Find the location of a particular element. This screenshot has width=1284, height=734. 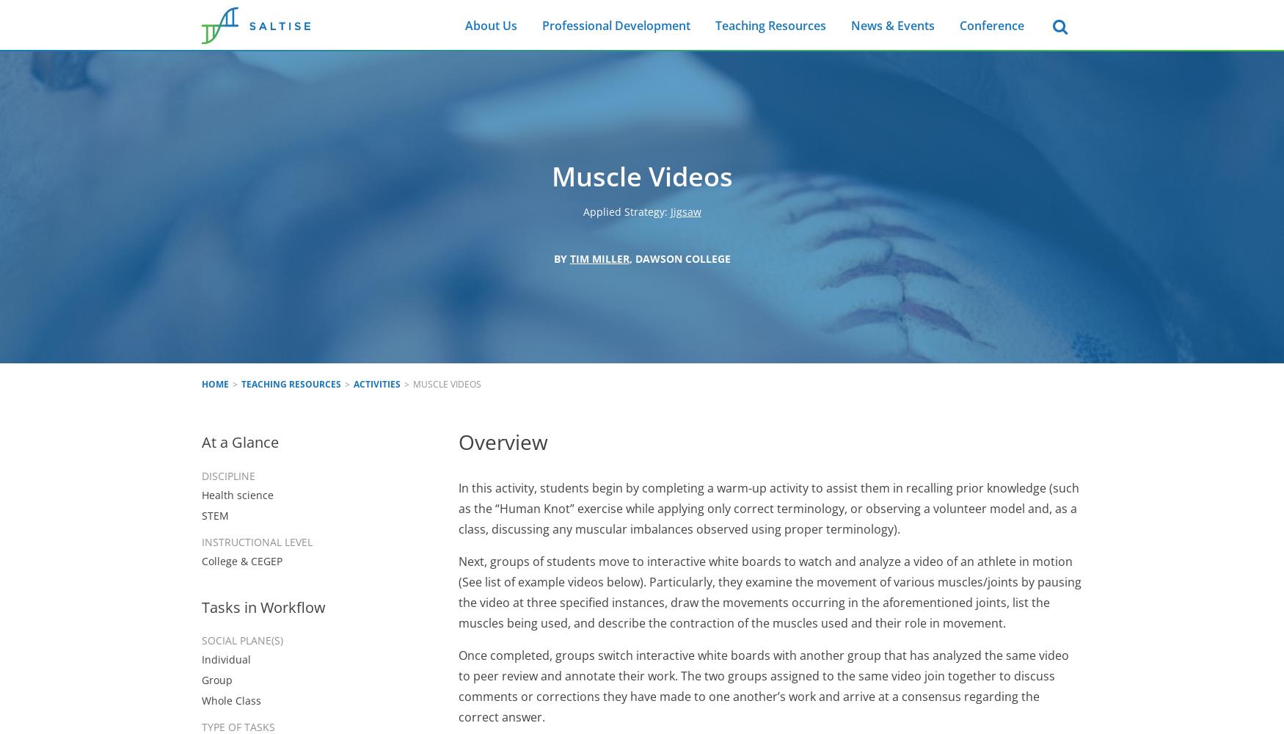

'Instructional Level' is located at coordinates (257, 540).